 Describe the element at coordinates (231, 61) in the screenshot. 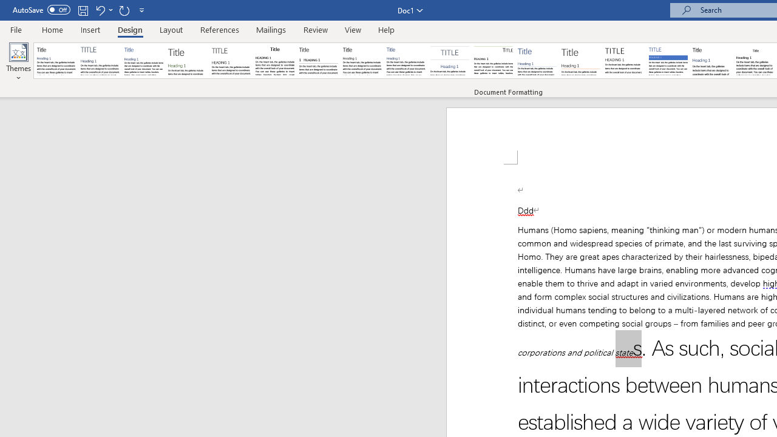

I see `'Black & White (Capitalized)'` at that location.